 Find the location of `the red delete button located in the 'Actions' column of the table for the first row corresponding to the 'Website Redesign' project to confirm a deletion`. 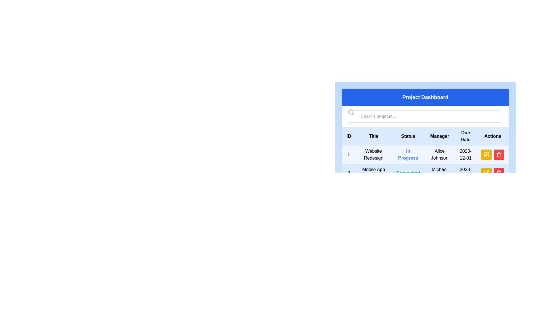

the red delete button located in the 'Actions' column of the table for the first row corresponding to the 'Website Redesign' project to confirm a deletion is located at coordinates (492, 154).